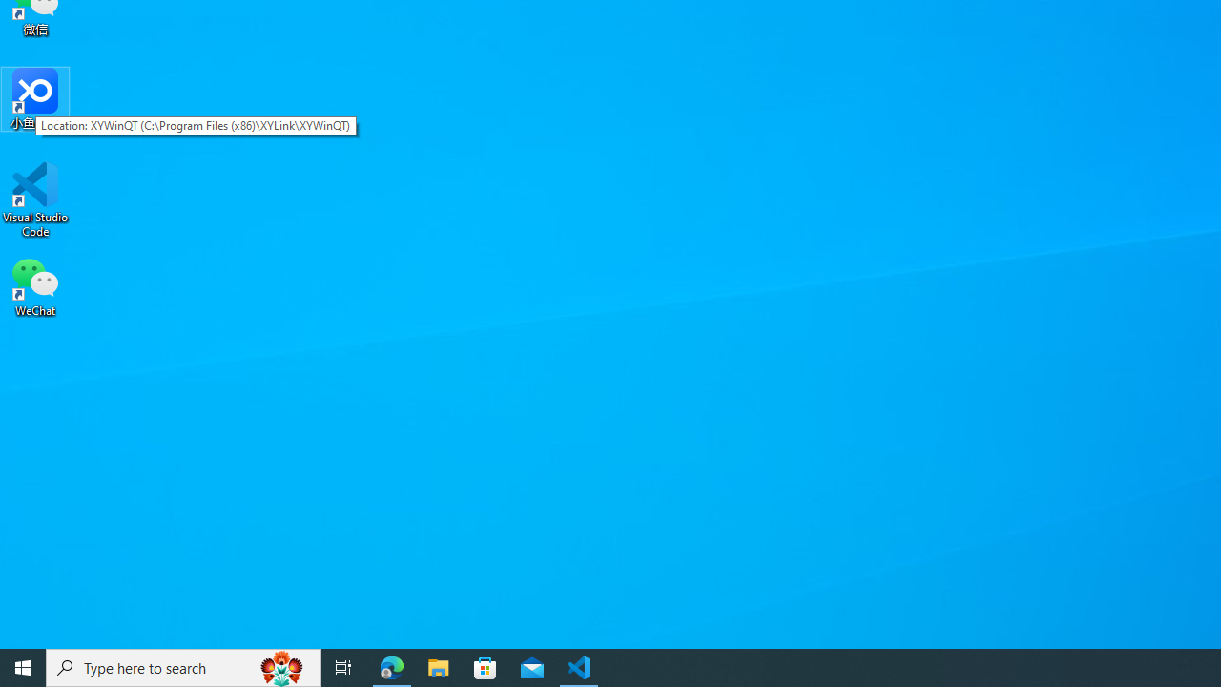  Describe the element at coordinates (486, 666) in the screenshot. I see `'Microsoft Store'` at that location.